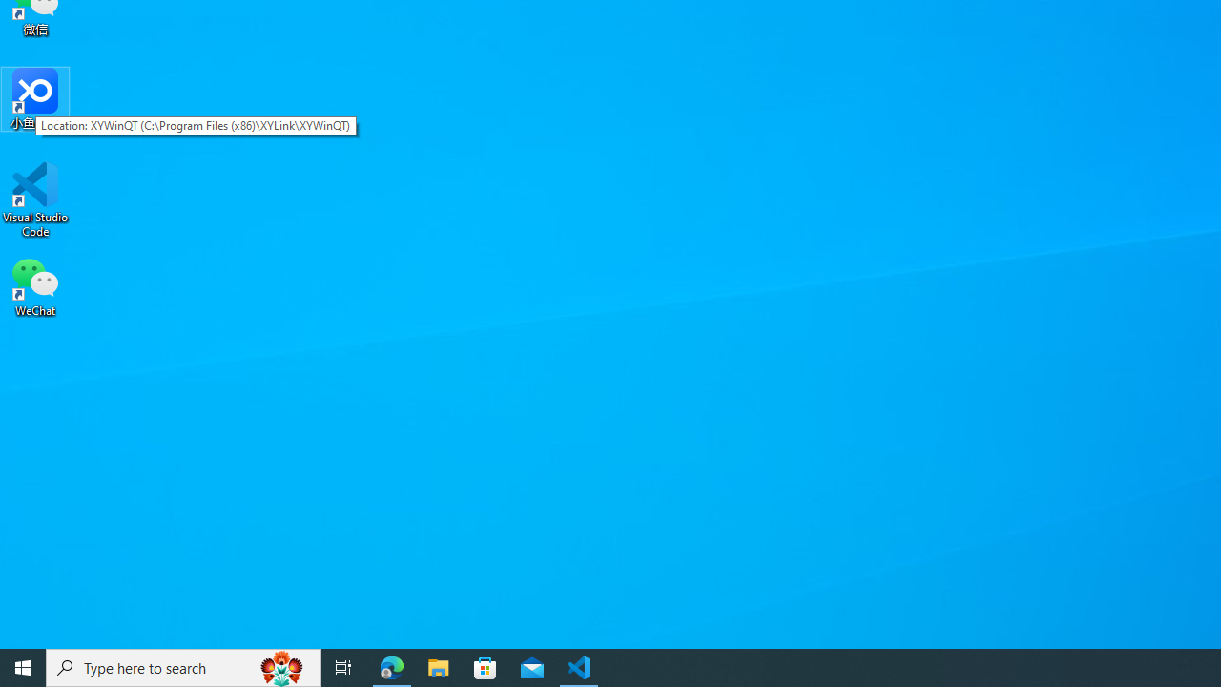  Describe the element at coordinates (486, 666) in the screenshot. I see `'Microsoft Store'` at that location.